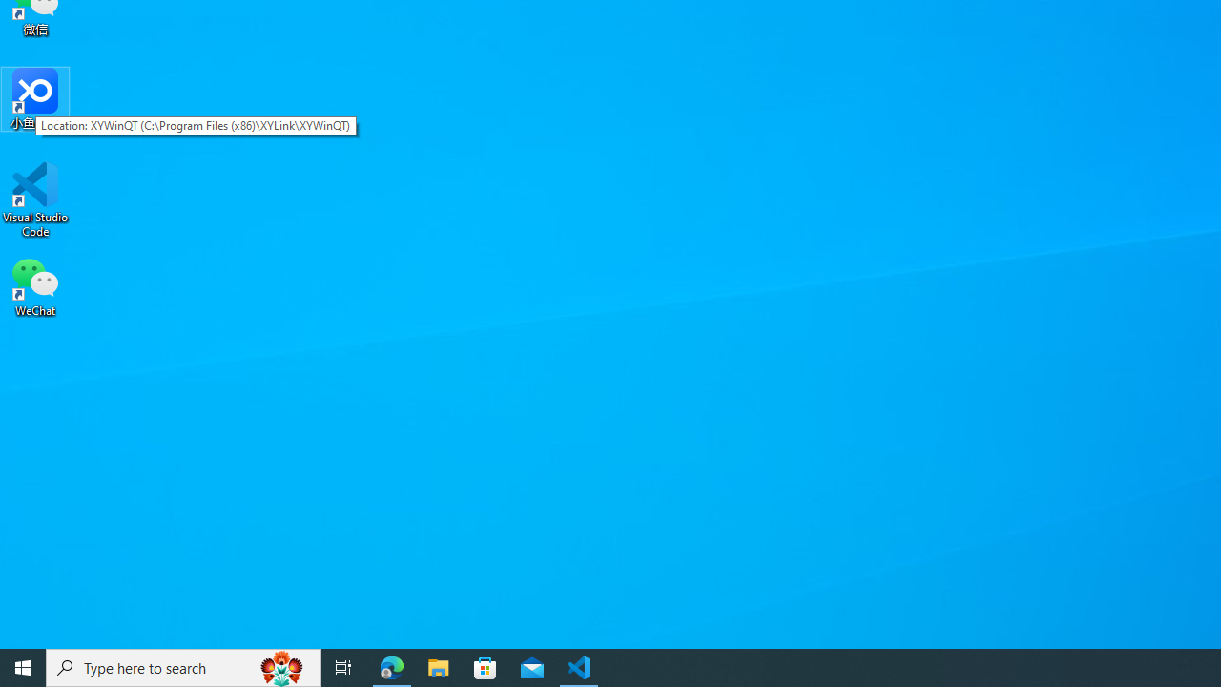  Describe the element at coordinates (486, 666) in the screenshot. I see `'Microsoft Store'` at that location.